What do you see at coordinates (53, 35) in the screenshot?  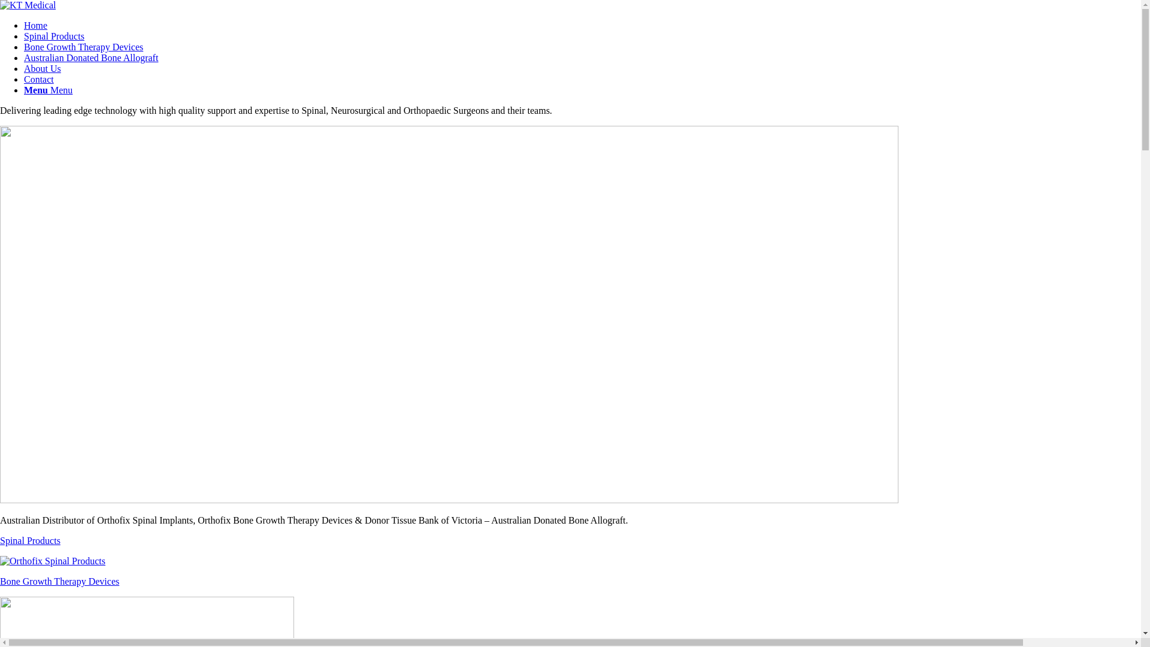 I see `'Spinal Products'` at bounding box center [53, 35].